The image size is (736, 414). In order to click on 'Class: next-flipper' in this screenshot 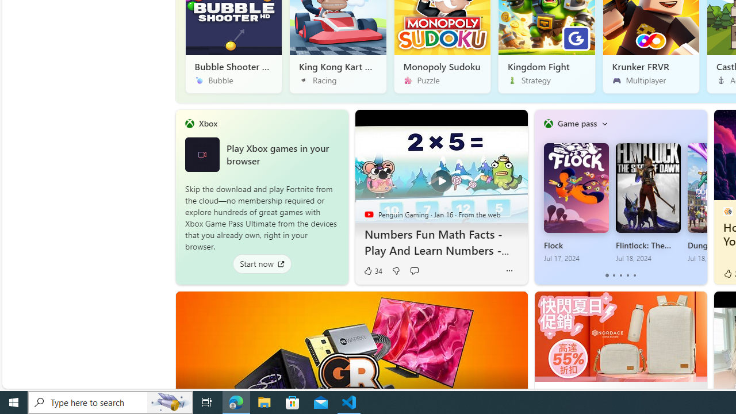, I will do `click(700, 197)`.